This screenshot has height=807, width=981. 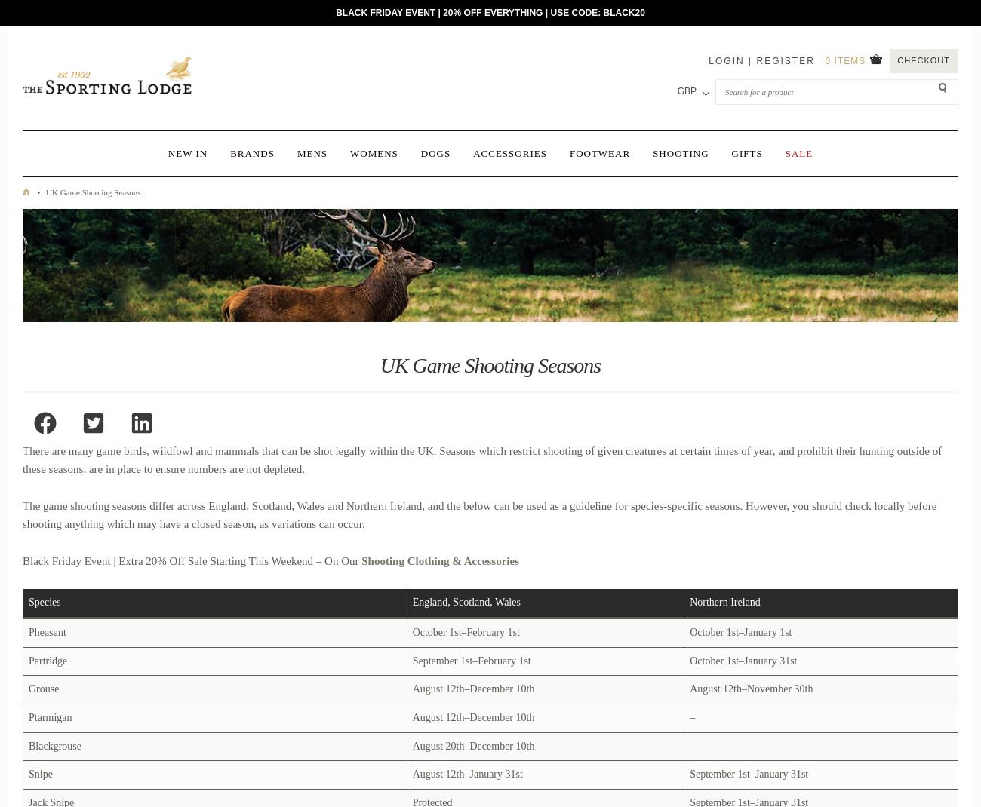 I want to click on 'Blackgrouse', so click(x=54, y=745).